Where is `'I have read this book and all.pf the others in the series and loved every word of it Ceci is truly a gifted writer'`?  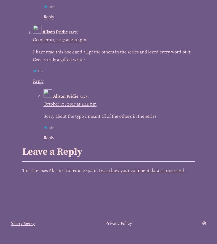
'I have read this book and all.pf the others in the series and loved every word of it Ceci is truly a gifted writer' is located at coordinates (33, 56).